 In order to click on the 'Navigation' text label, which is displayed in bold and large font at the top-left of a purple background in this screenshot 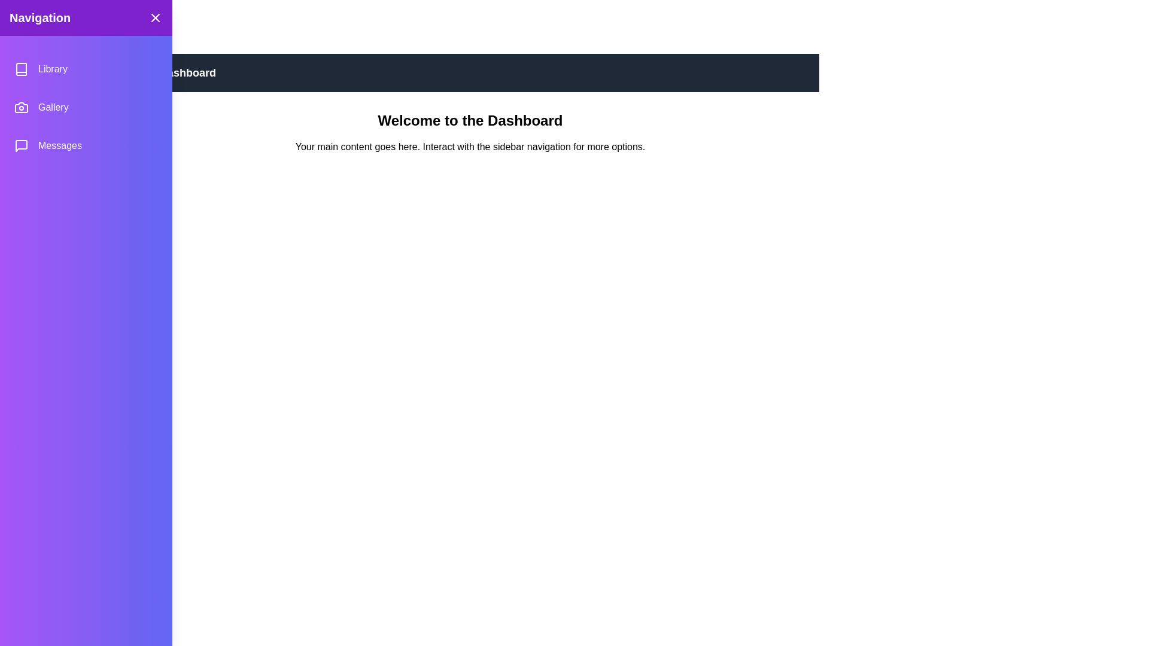, I will do `click(40, 18)`.